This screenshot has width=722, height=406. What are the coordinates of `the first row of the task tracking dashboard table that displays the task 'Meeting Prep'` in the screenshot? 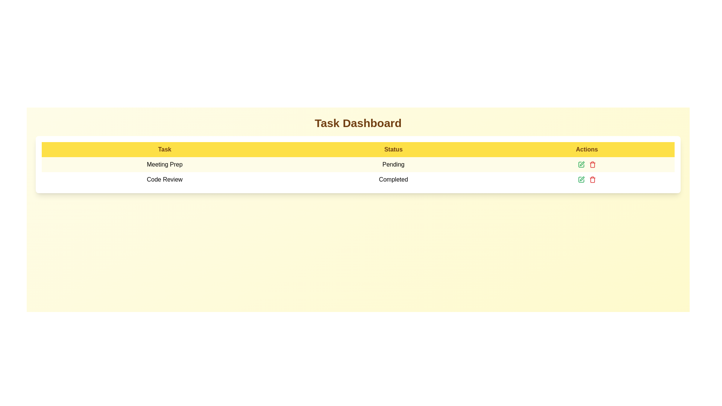 It's located at (358, 172).